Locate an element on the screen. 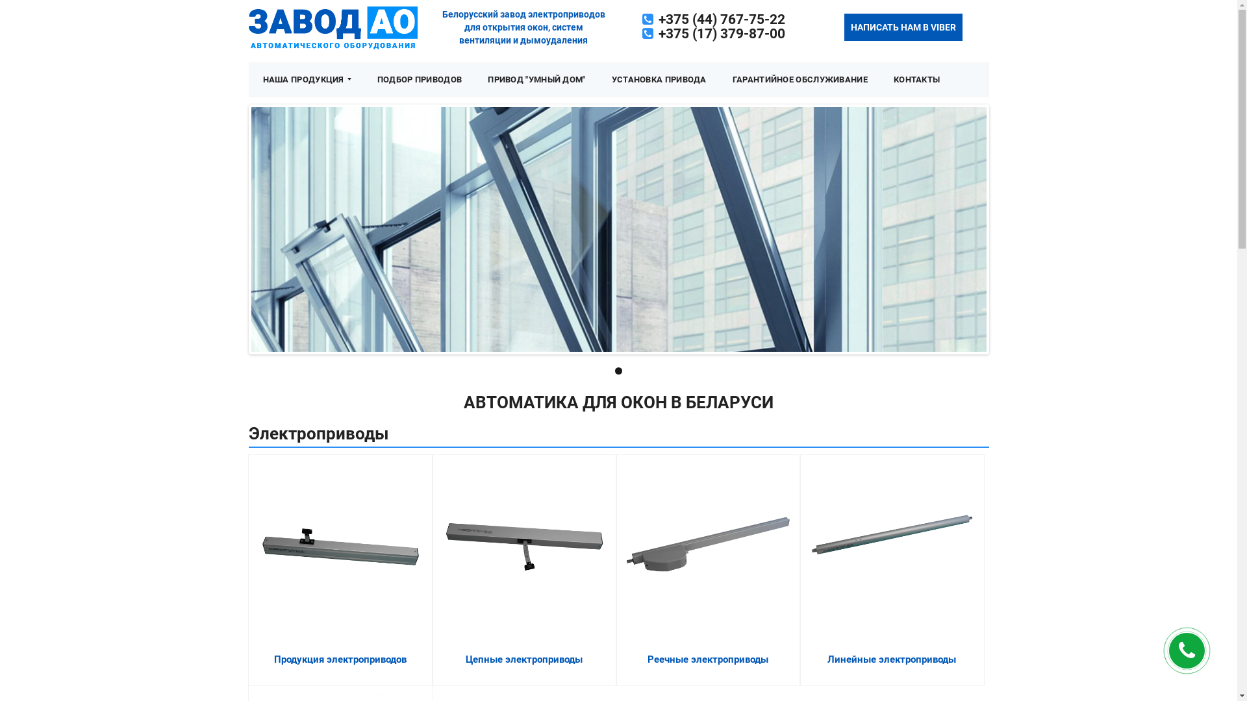 Image resolution: width=1247 pixels, height=701 pixels. '+375 (17) 379-87-00' is located at coordinates (721, 32).